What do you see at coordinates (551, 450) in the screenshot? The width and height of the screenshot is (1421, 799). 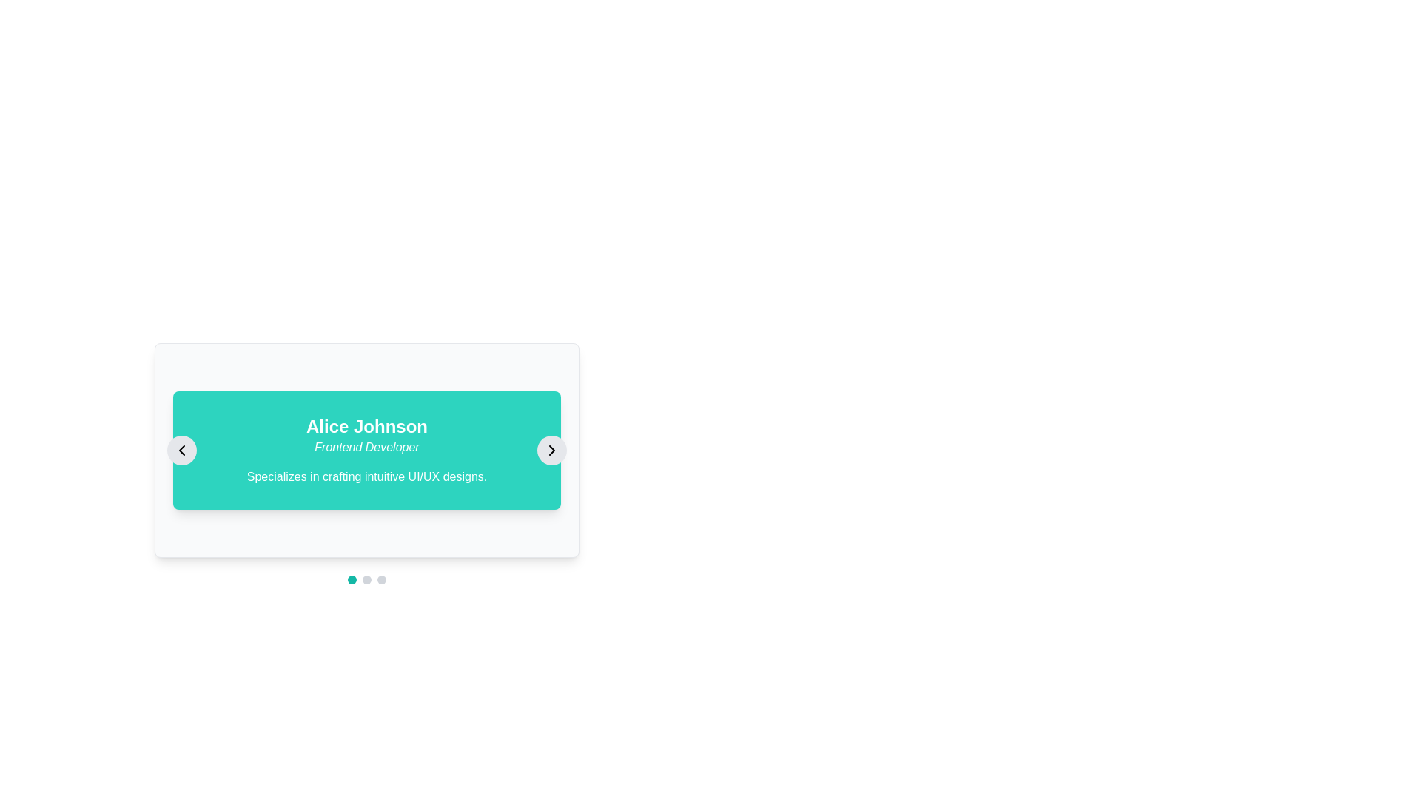 I see `the circular navigation icon located on the center-right side of the interface` at bounding box center [551, 450].